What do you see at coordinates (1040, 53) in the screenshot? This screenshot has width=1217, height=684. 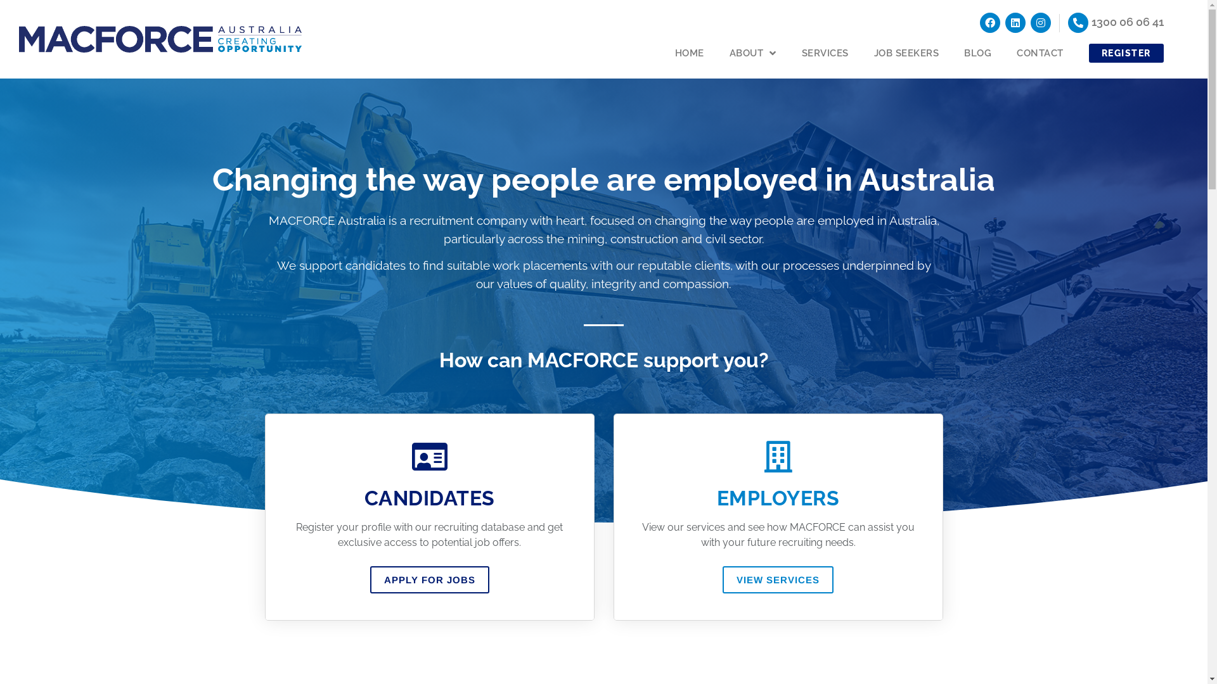 I see `'CONTACT'` at bounding box center [1040, 53].